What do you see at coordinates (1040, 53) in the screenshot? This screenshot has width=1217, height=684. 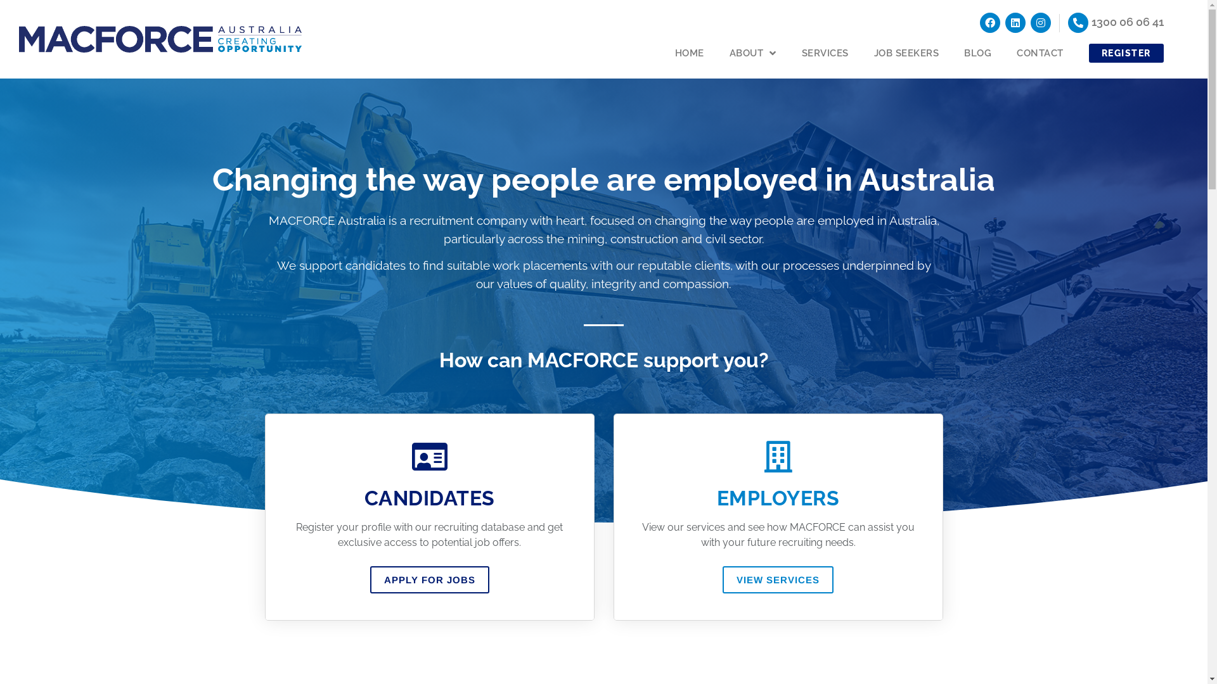 I see `'CONTACT'` at bounding box center [1040, 53].